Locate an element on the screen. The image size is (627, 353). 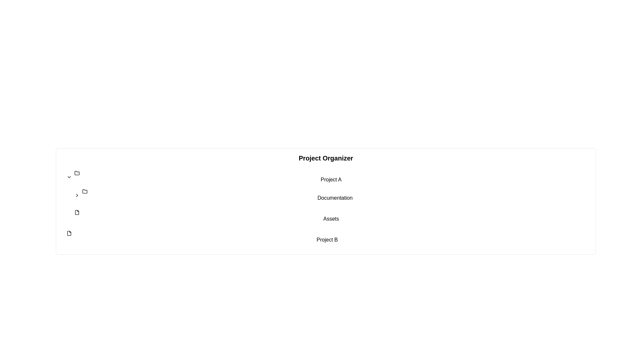
the chevron icon next to the 'Documentation' text in the vertical navigation panel is located at coordinates (77, 195).